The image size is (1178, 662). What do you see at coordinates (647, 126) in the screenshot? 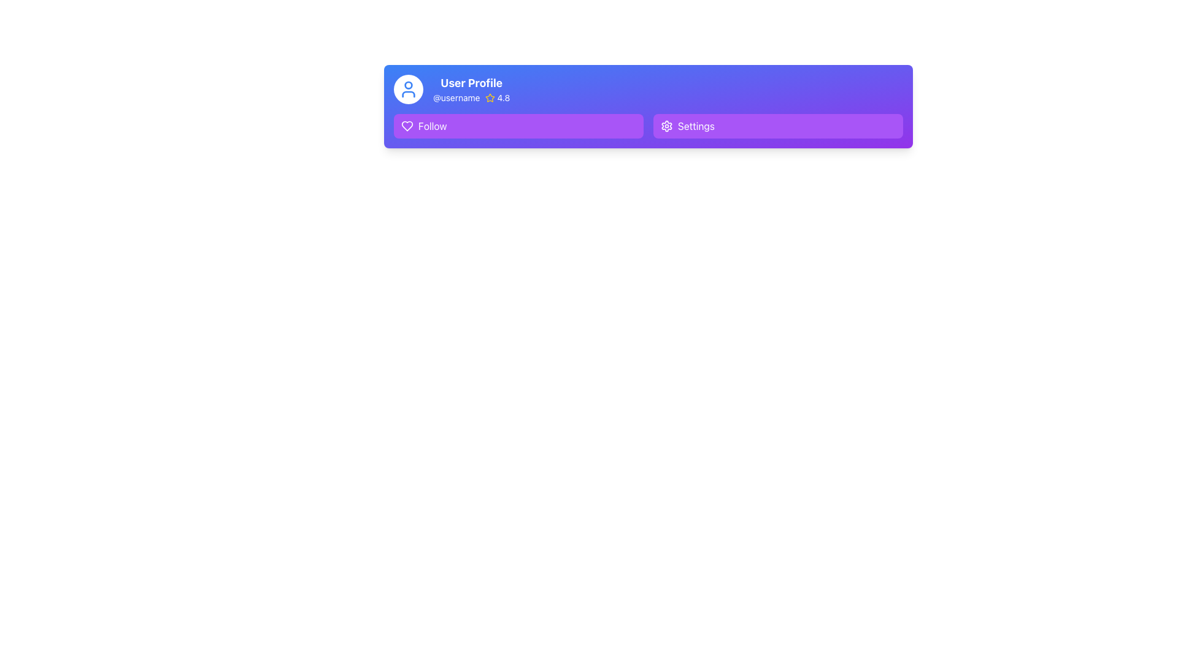
I see `the Button Group containing 'Follow' and 'Settings' buttons` at bounding box center [647, 126].